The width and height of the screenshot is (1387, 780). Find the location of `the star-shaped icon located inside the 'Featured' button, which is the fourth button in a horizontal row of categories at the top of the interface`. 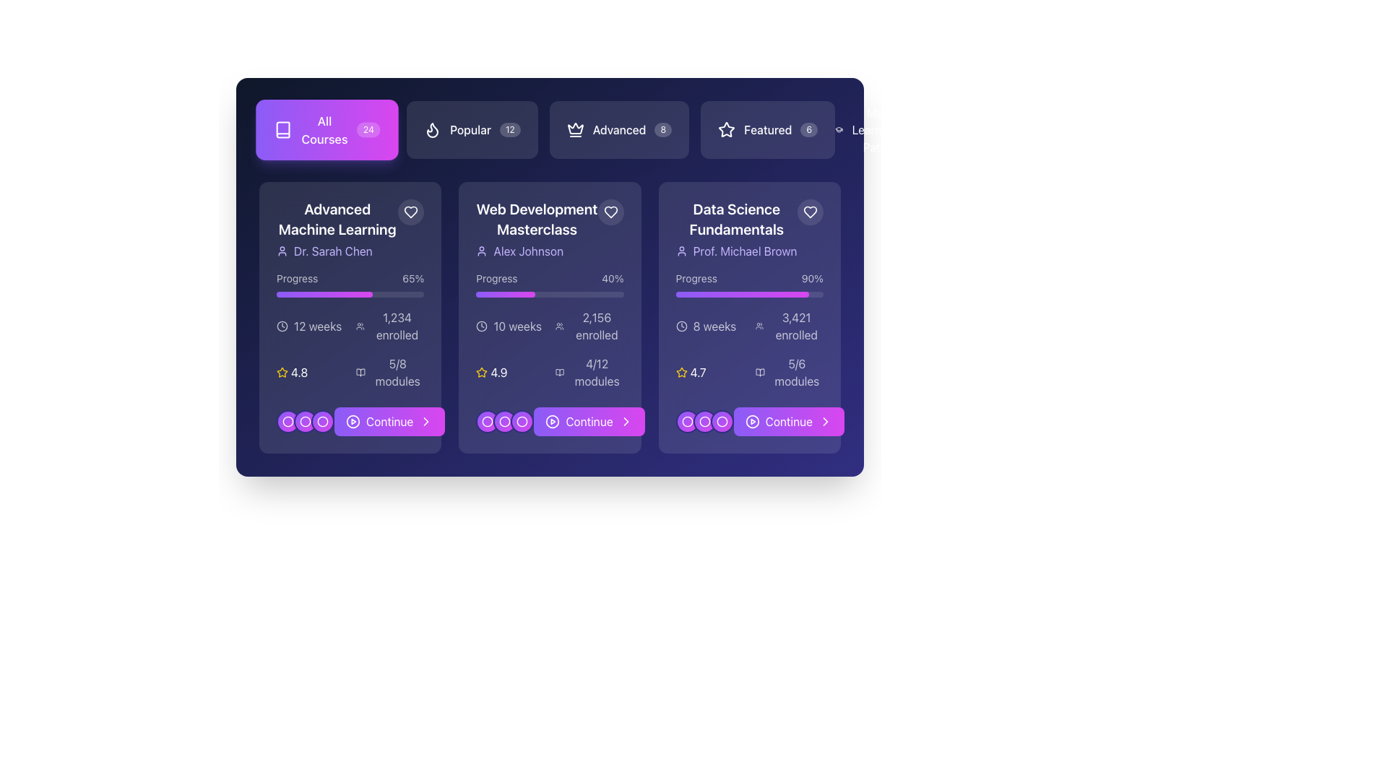

the star-shaped icon located inside the 'Featured' button, which is the fourth button in a horizontal row of categories at the top of the interface is located at coordinates (727, 129).